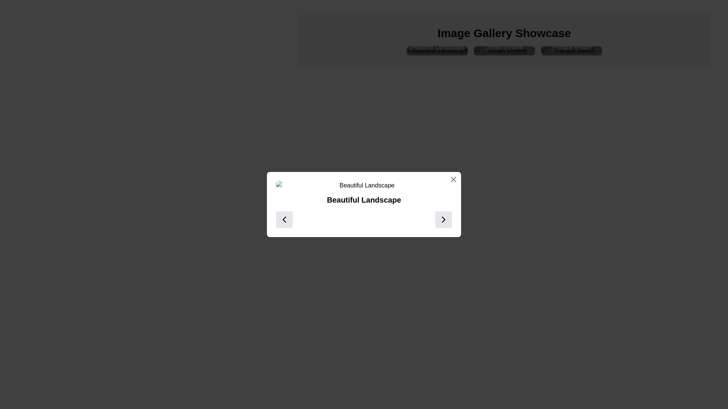  Describe the element at coordinates (444, 219) in the screenshot. I see `the rightward arrow icon in the gallery navigation controls` at that location.